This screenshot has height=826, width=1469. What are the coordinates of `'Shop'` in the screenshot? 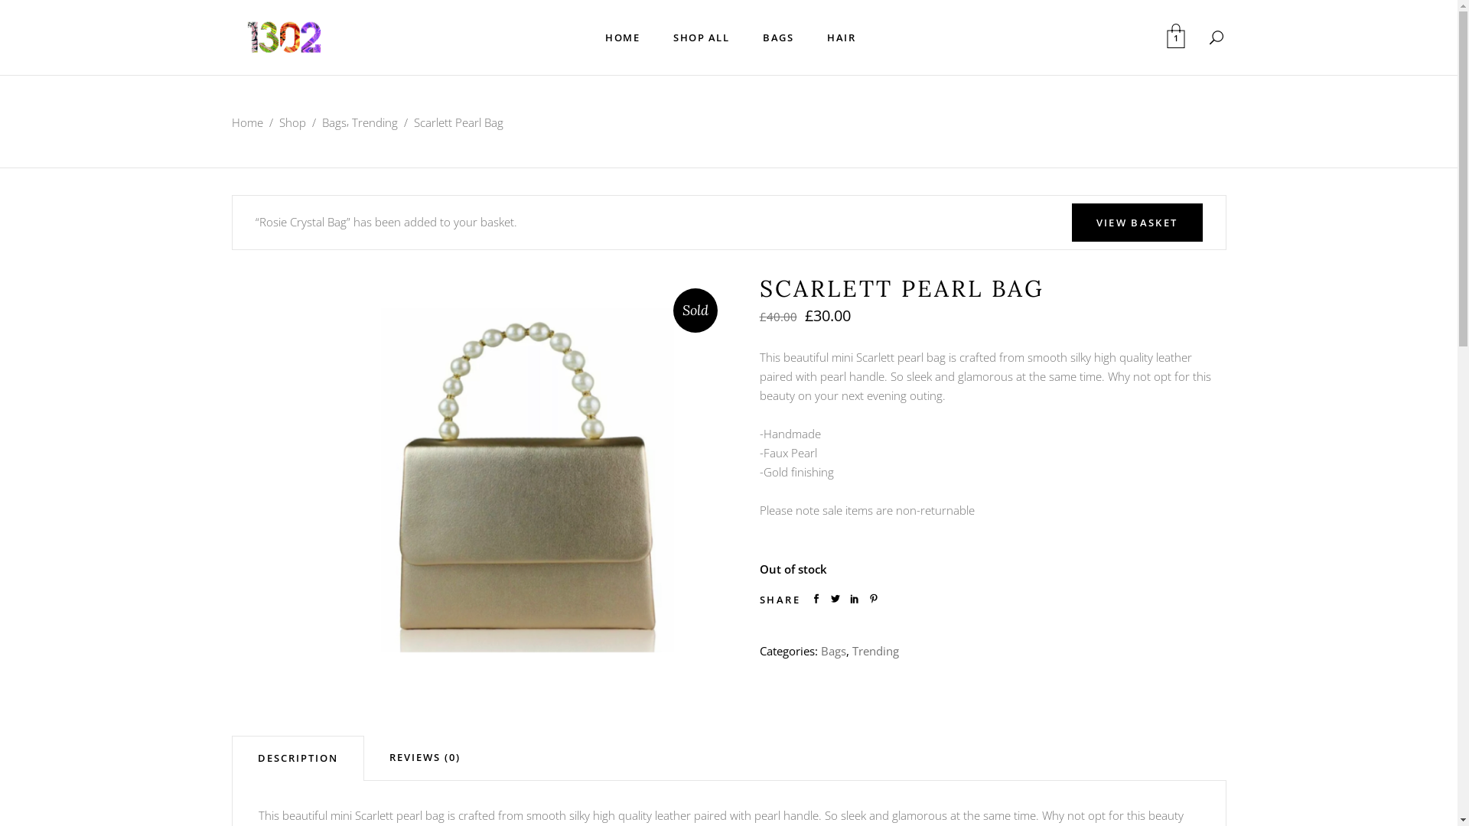 It's located at (292, 122).